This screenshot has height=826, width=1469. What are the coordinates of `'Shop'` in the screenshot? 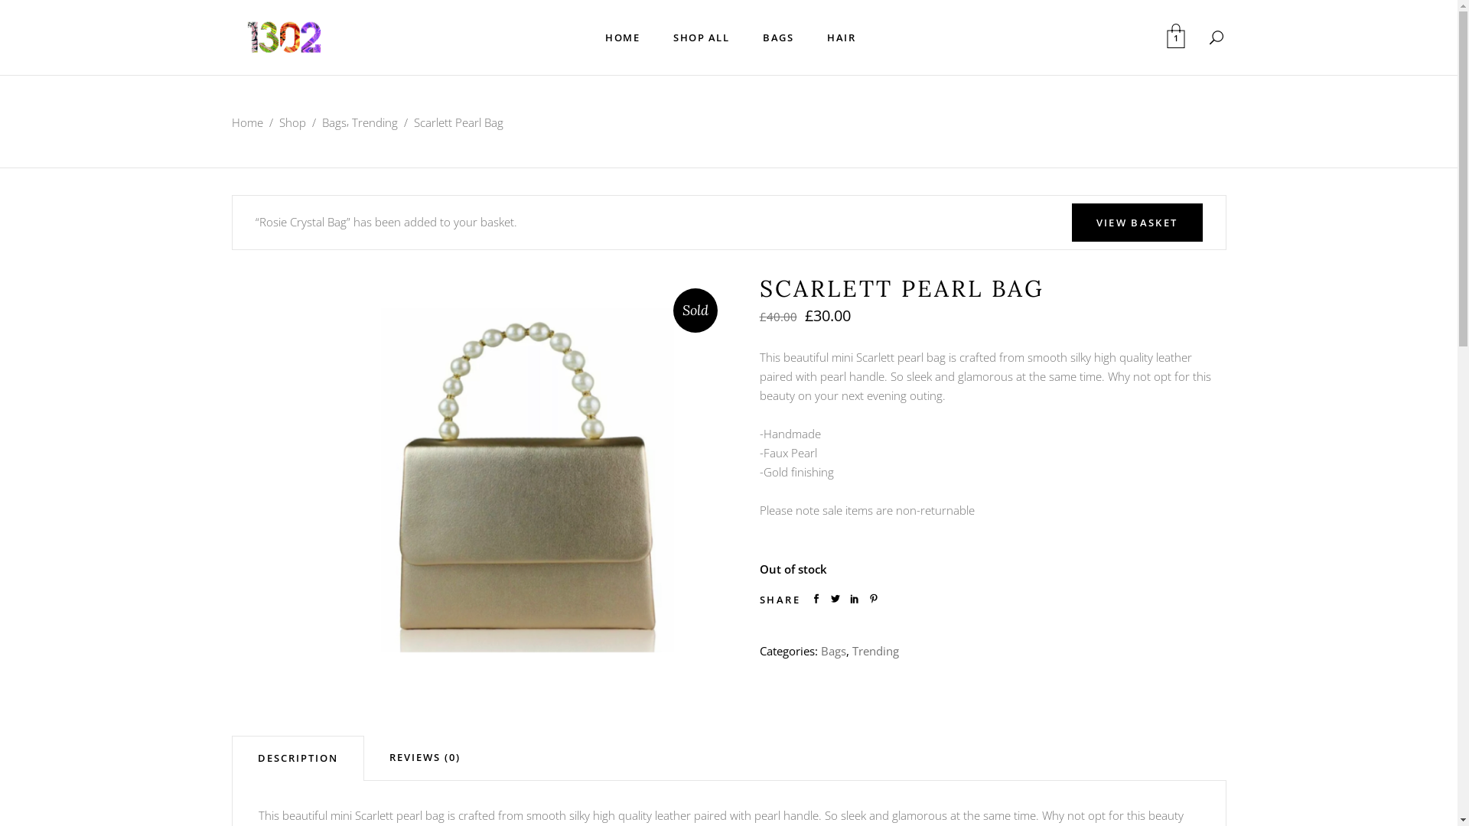 It's located at (292, 122).